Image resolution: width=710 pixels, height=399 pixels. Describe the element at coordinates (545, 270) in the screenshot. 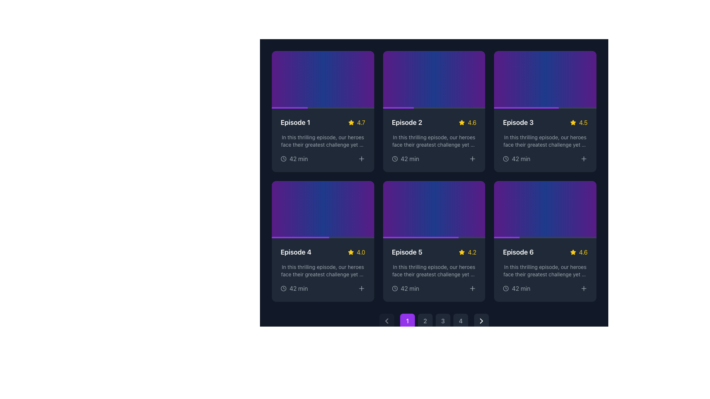

I see `the Informational Card displaying details about a specific episode, located in the bottom-right corner of the visible grid` at that location.